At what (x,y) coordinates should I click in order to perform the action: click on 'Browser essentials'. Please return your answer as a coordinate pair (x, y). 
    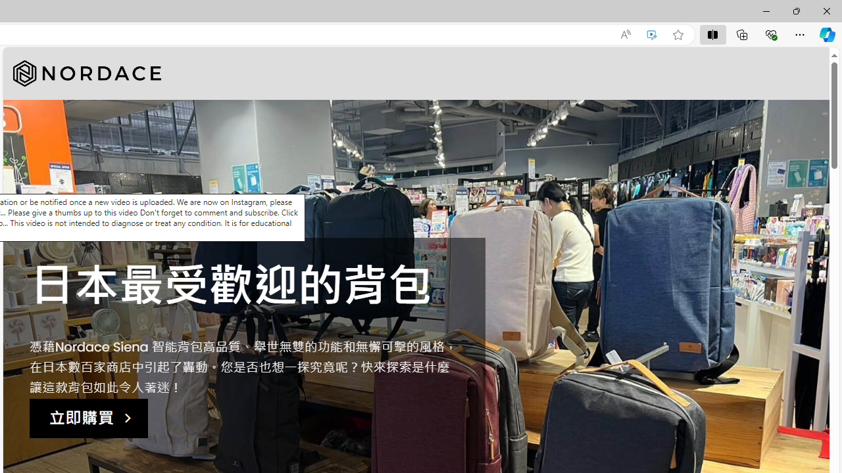
    Looking at the image, I should click on (770, 34).